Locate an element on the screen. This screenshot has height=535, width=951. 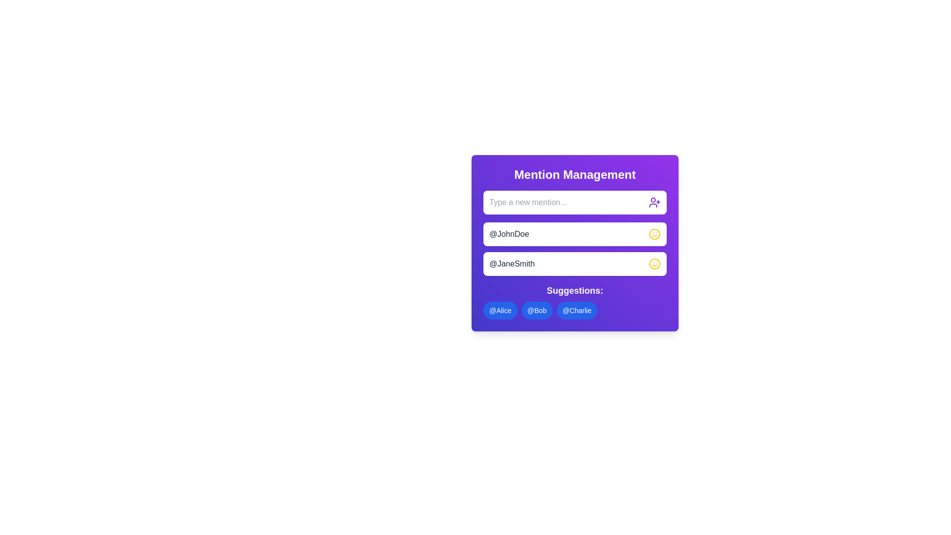
the icon representing user '@JaneSmith' located on the rightmost side of the box is located at coordinates (654, 263).